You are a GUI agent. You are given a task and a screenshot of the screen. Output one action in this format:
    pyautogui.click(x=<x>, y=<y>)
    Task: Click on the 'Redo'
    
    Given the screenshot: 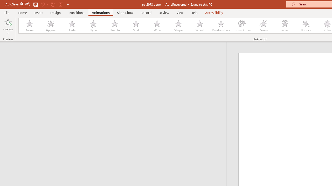 What is the action you would take?
    pyautogui.click(x=53, y=4)
    